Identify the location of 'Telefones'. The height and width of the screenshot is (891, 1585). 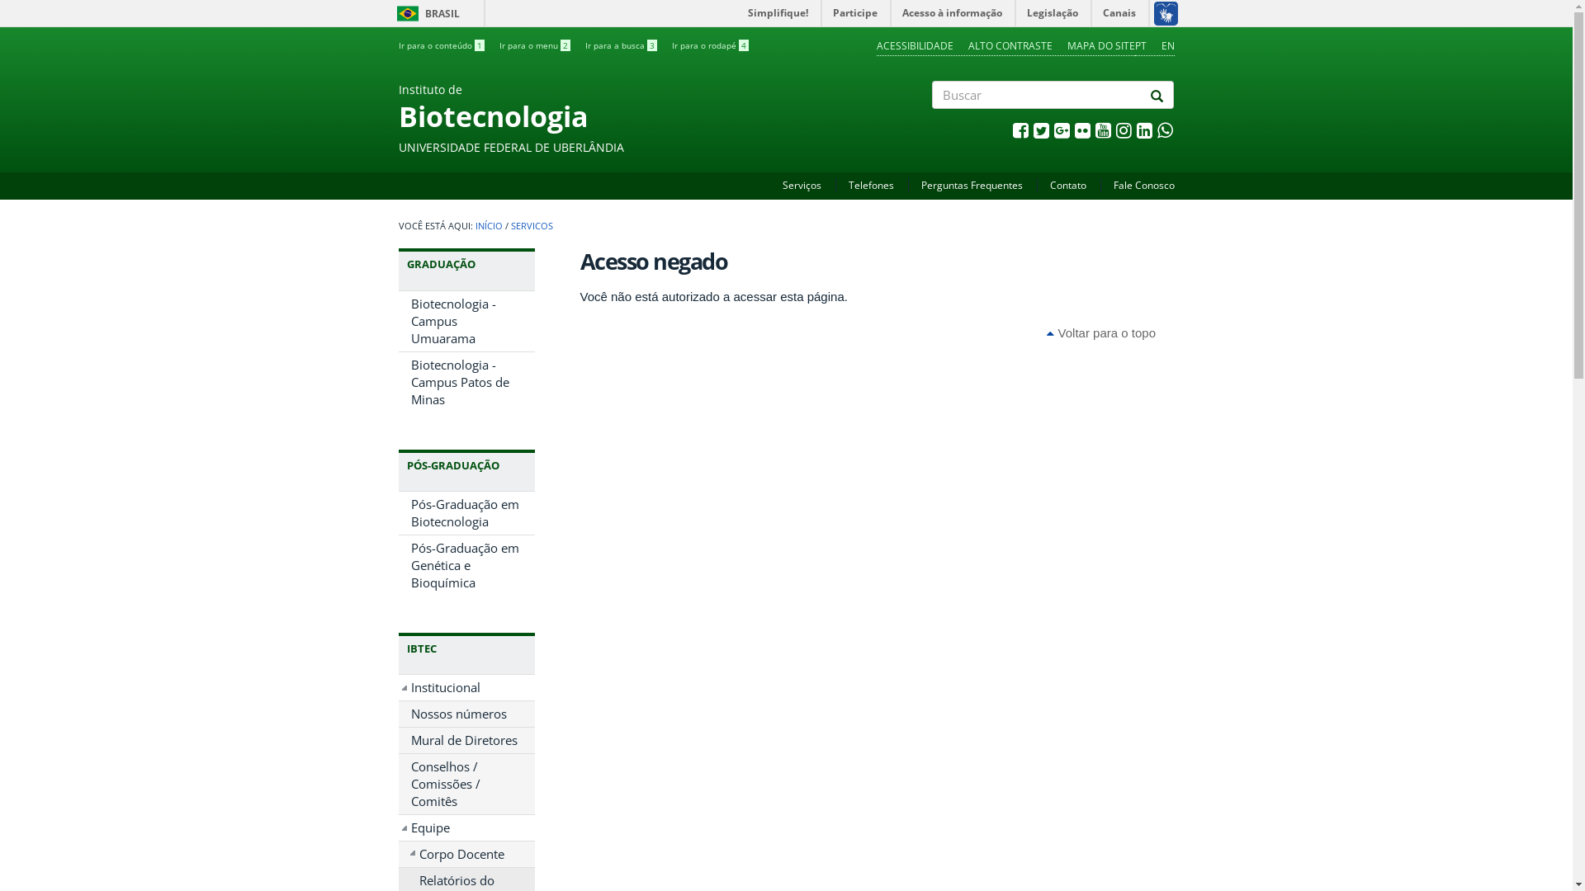
(870, 185).